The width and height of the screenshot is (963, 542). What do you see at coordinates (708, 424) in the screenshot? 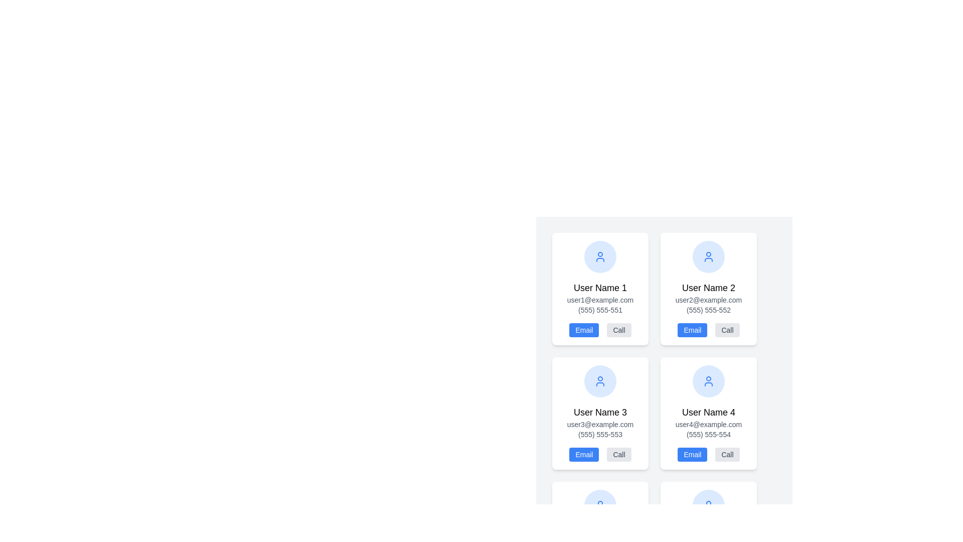
I see `the Static Text Label displaying the email address 'user4@example.com' located in the fourth user card in the grid, positioned below 'User Name 4'` at bounding box center [708, 424].